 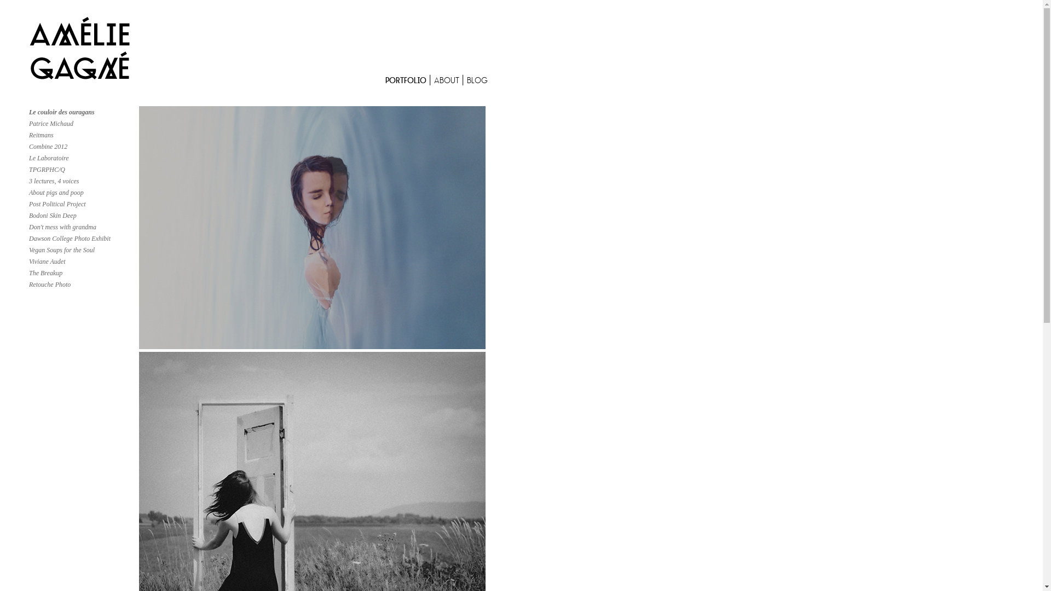 What do you see at coordinates (28, 284) in the screenshot?
I see `'Retouche Photo'` at bounding box center [28, 284].